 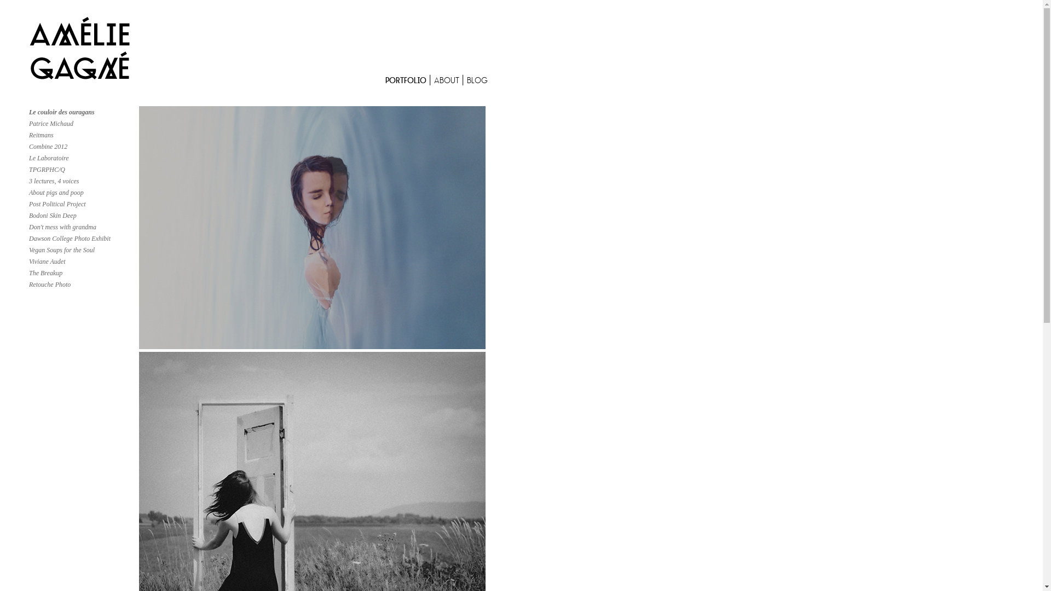 What do you see at coordinates (28, 284) in the screenshot?
I see `'Retouche Photo'` at bounding box center [28, 284].